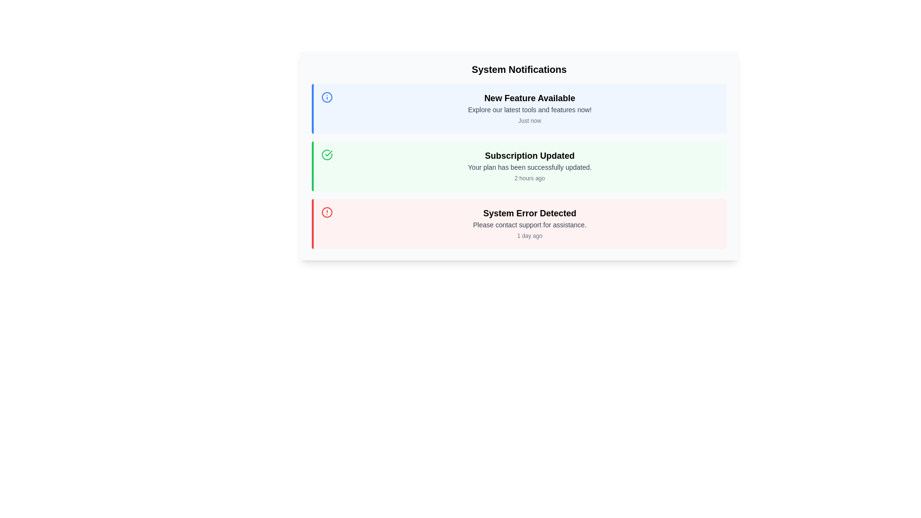  I want to click on the checkmark icon in the green notification area, which indicates a completed action or success status, so click(327, 154).